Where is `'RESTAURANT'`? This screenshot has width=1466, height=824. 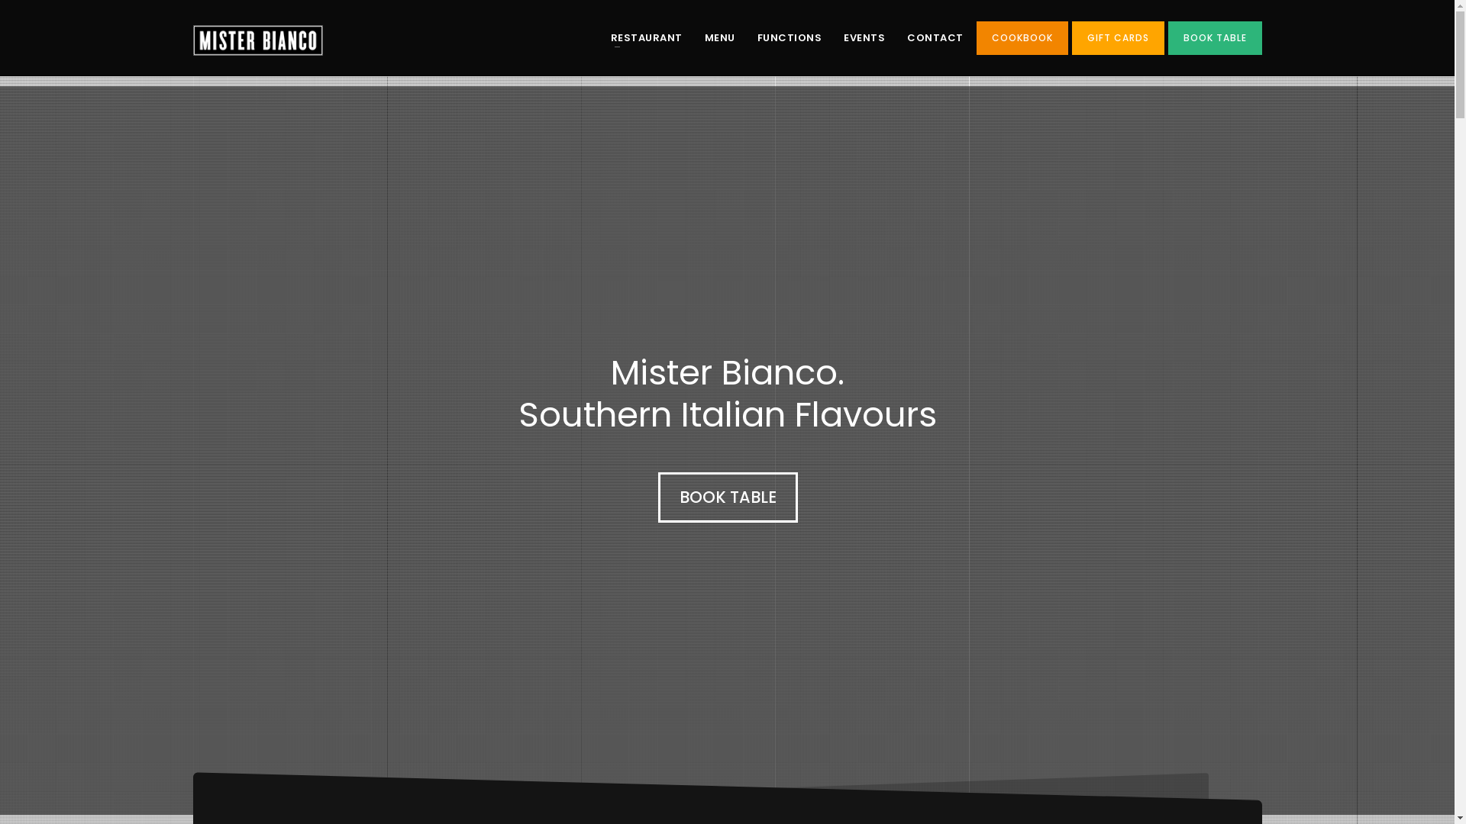 'RESTAURANT' is located at coordinates (600, 37).